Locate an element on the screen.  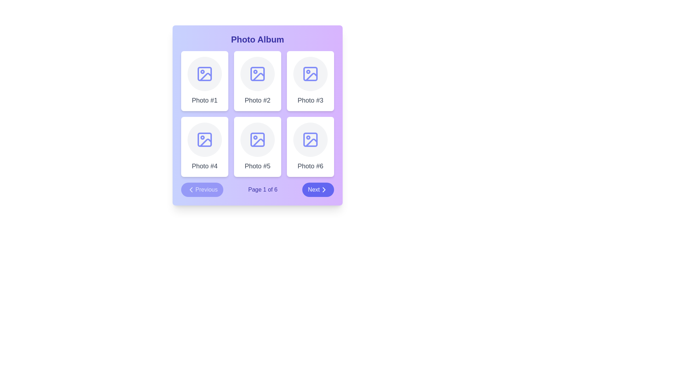
the sixth photo card in the album gallery is located at coordinates (310, 147).